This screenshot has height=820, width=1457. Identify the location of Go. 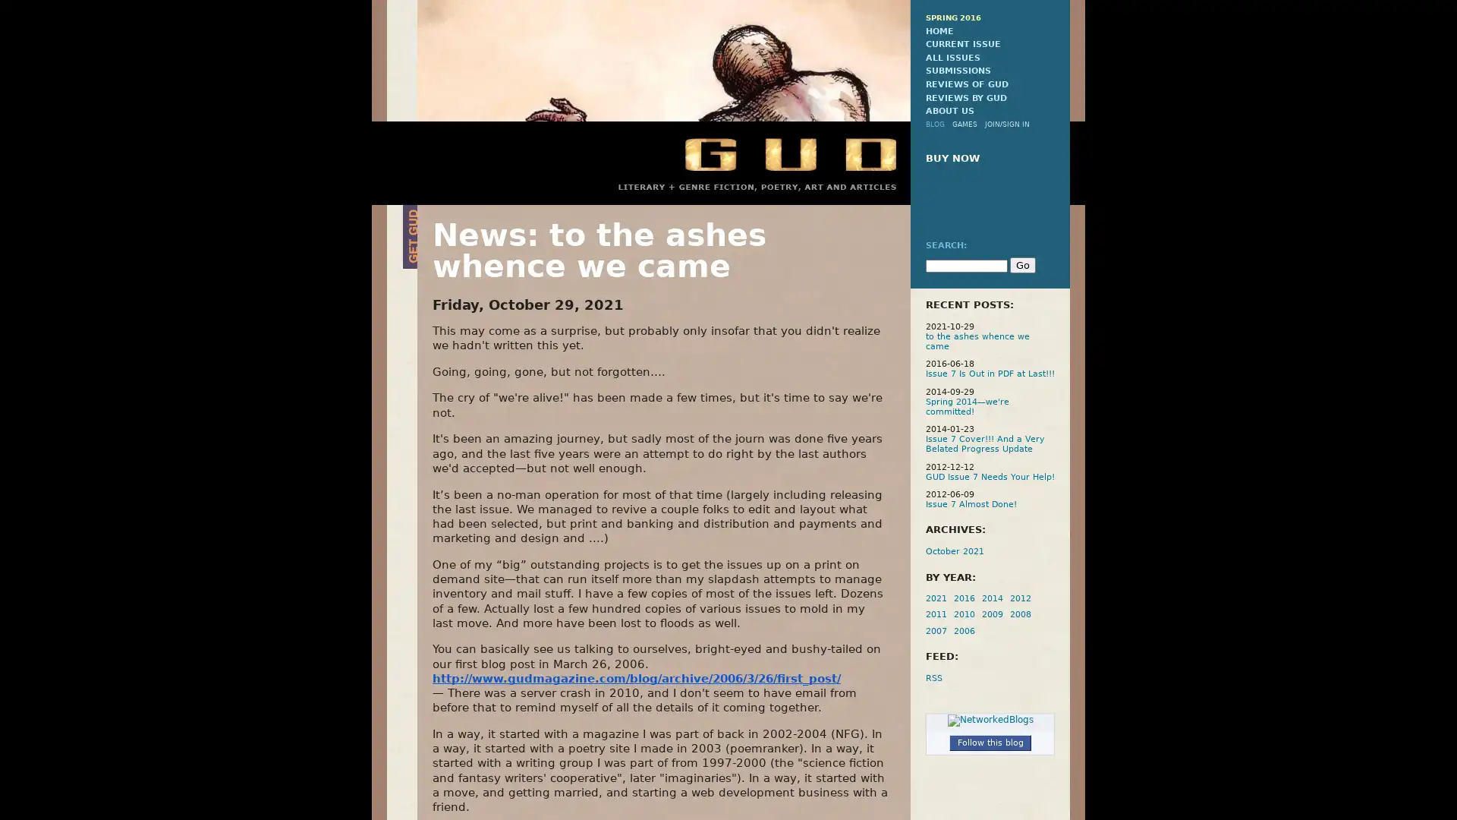
(1023, 264).